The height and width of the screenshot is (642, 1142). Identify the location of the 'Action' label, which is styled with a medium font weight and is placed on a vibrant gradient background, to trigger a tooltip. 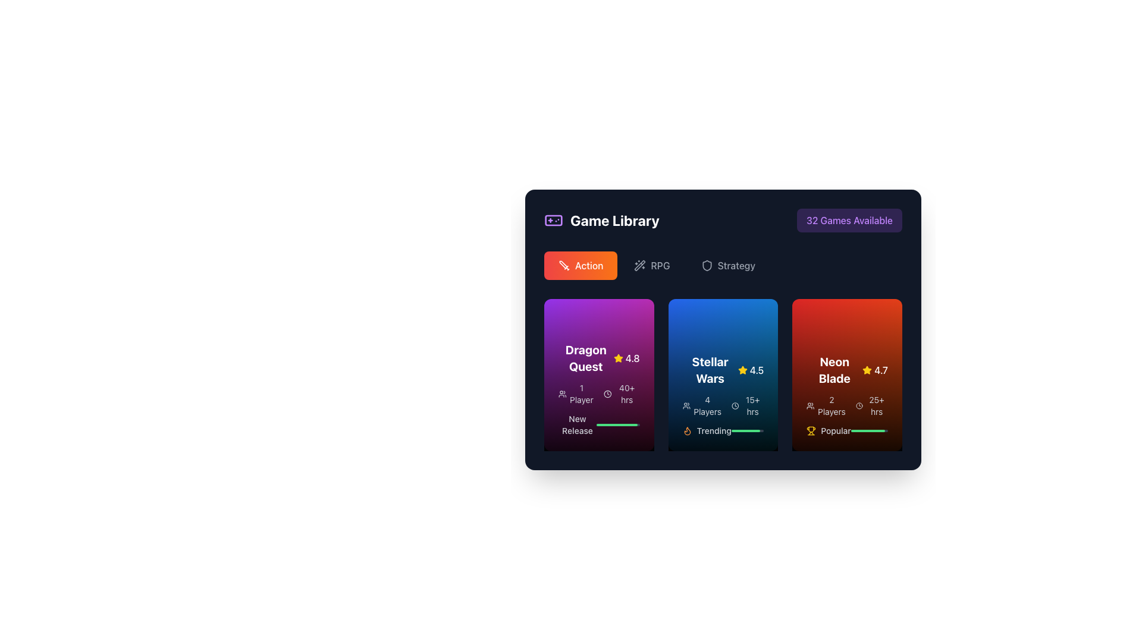
(589, 265).